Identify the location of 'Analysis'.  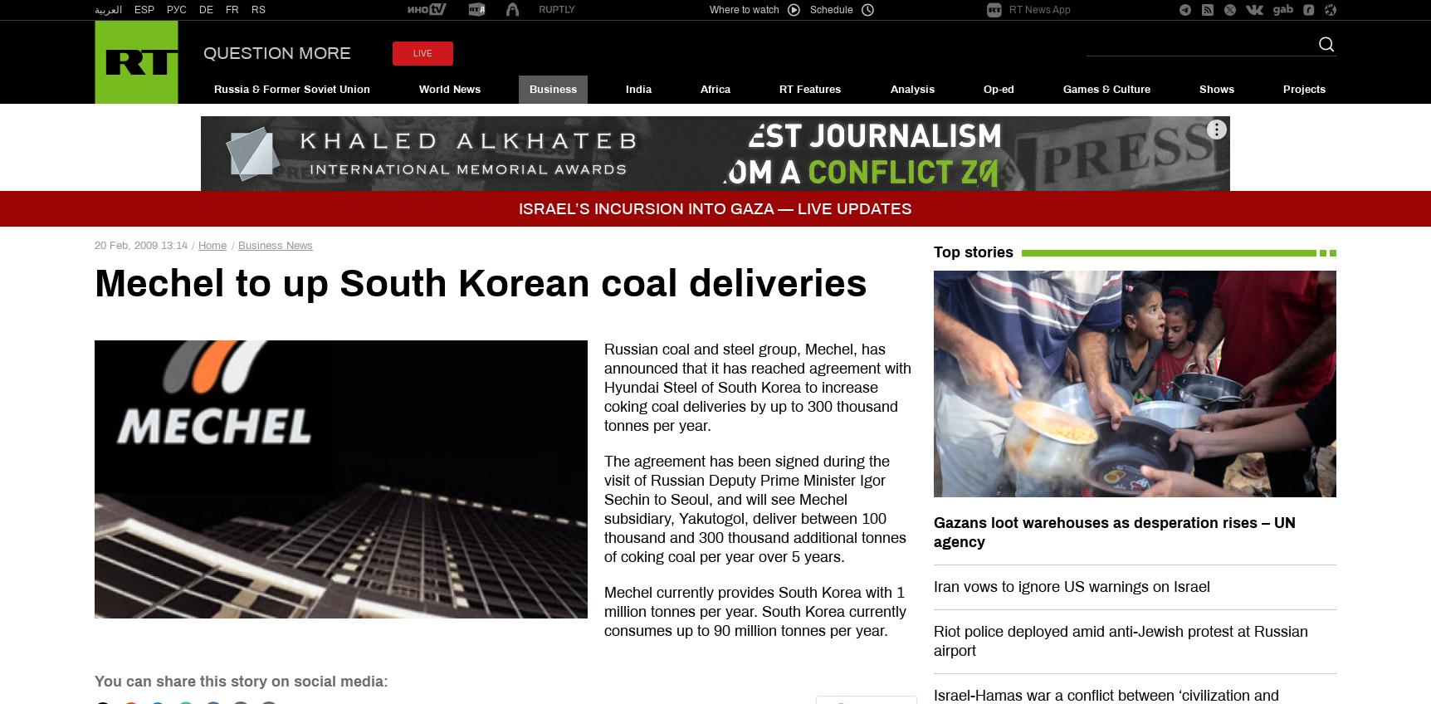
(911, 88).